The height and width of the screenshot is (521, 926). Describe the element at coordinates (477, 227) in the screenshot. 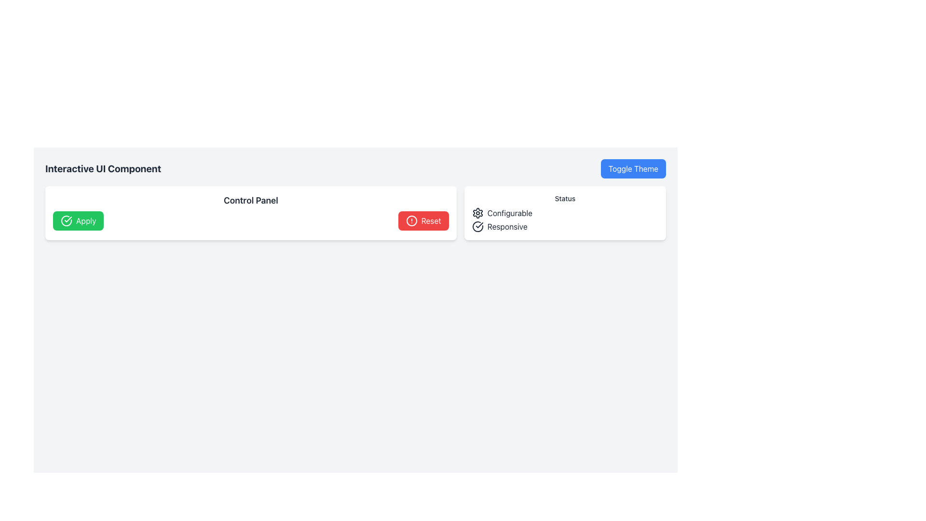

I see `the SVG icon indicating the responsiveness status, which is located in the 'Status' section at the top-right of the interface, aligned to the left of the 'Responsive' text` at that location.